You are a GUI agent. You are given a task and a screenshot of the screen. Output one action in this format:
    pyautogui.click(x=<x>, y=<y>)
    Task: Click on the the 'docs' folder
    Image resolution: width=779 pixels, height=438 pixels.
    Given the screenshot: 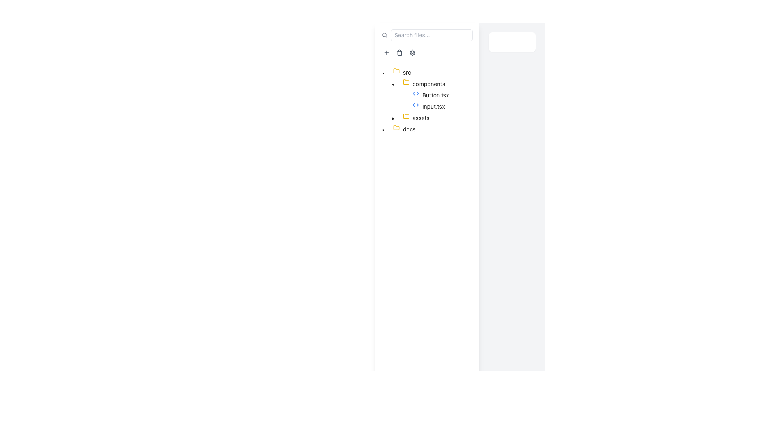 What is the action you would take?
    pyautogui.click(x=398, y=129)
    